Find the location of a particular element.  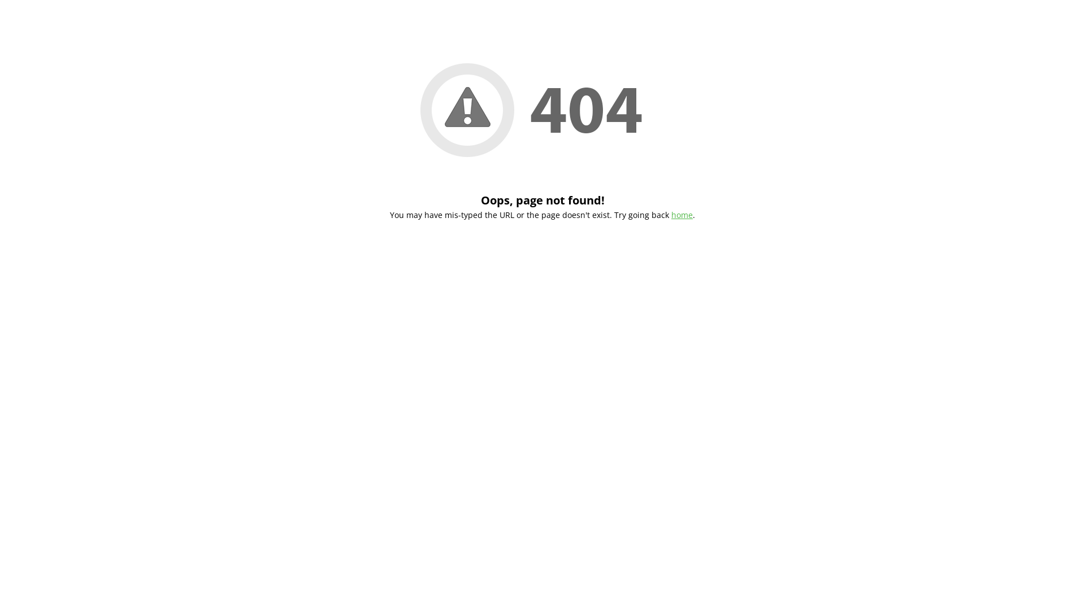

'home' is located at coordinates (671, 215).